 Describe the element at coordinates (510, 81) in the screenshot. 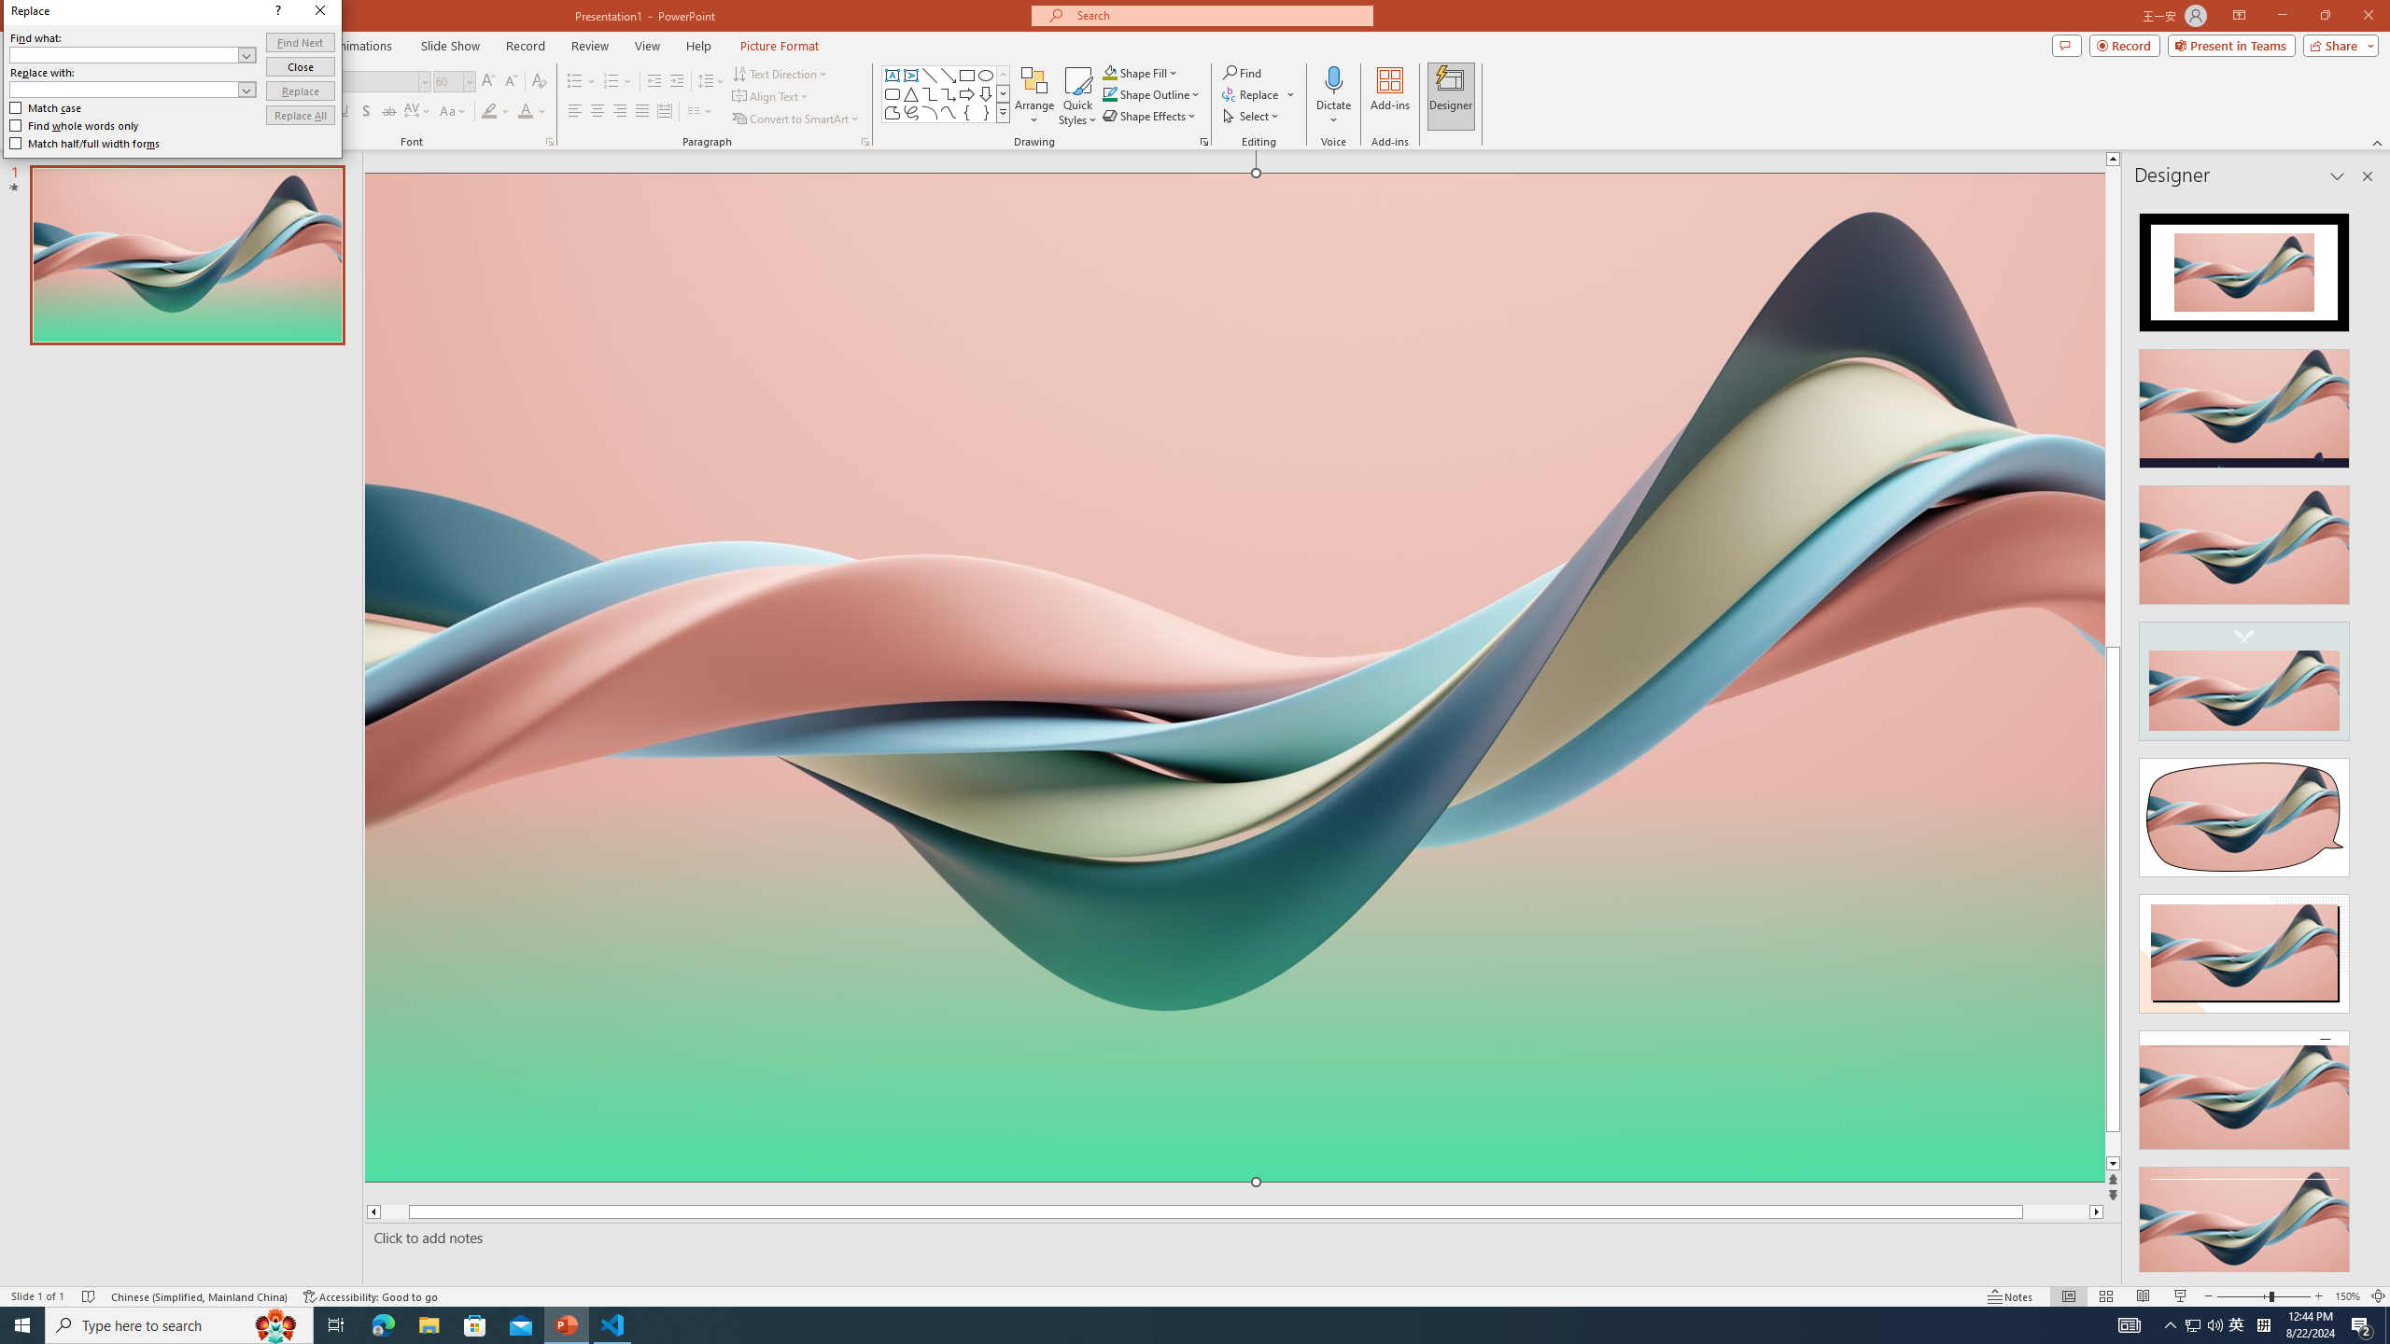

I see `'Decrease Font Size'` at that location.